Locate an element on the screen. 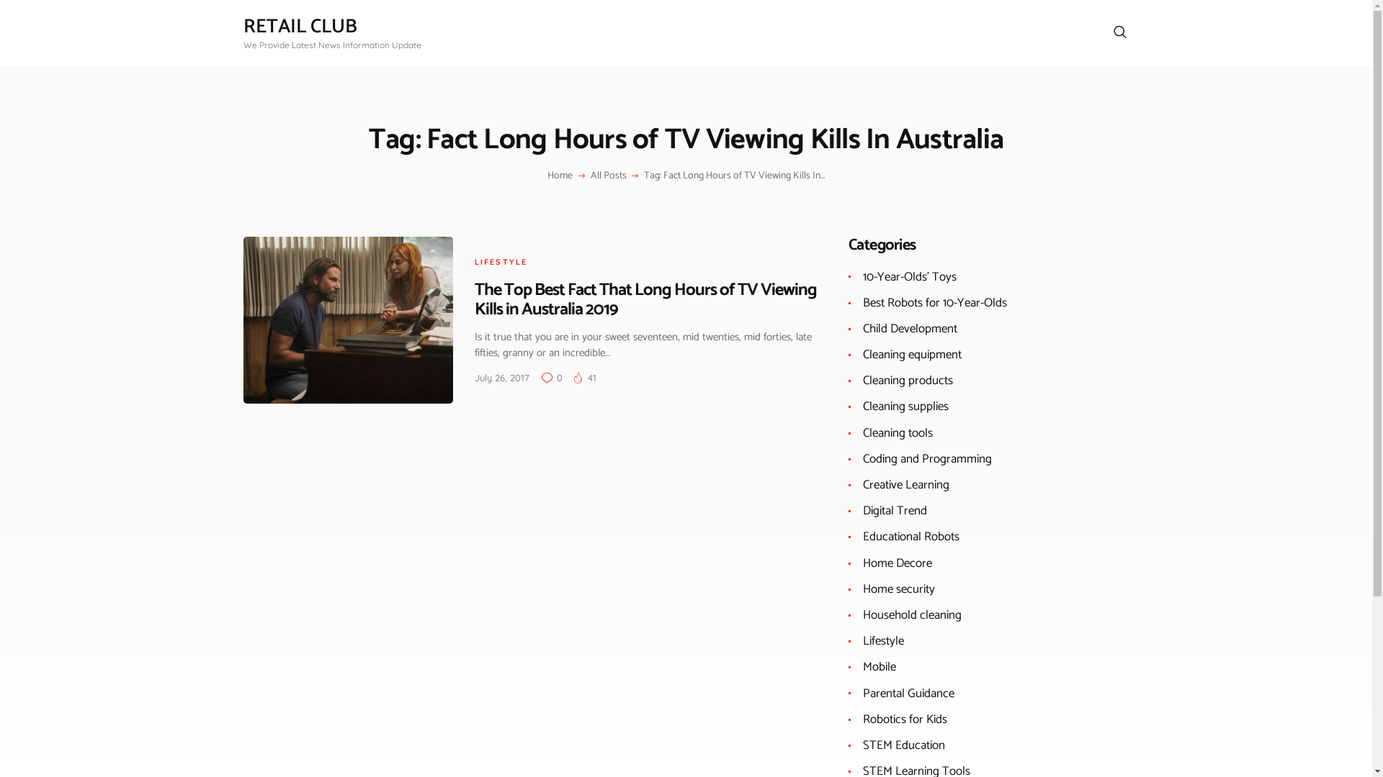 The image size is (1383, 777). 'Cleaning supplies' is located at coordinates (905, 406).